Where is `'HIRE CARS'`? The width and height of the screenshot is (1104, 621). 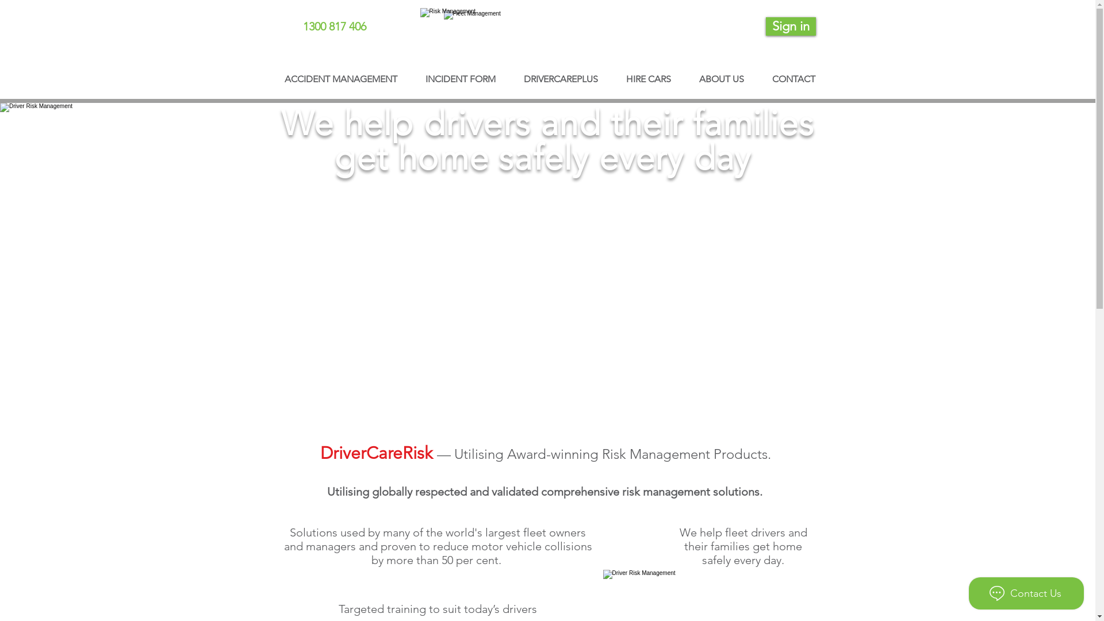 'HIRE CARS' is located at coordinates (611, 74).